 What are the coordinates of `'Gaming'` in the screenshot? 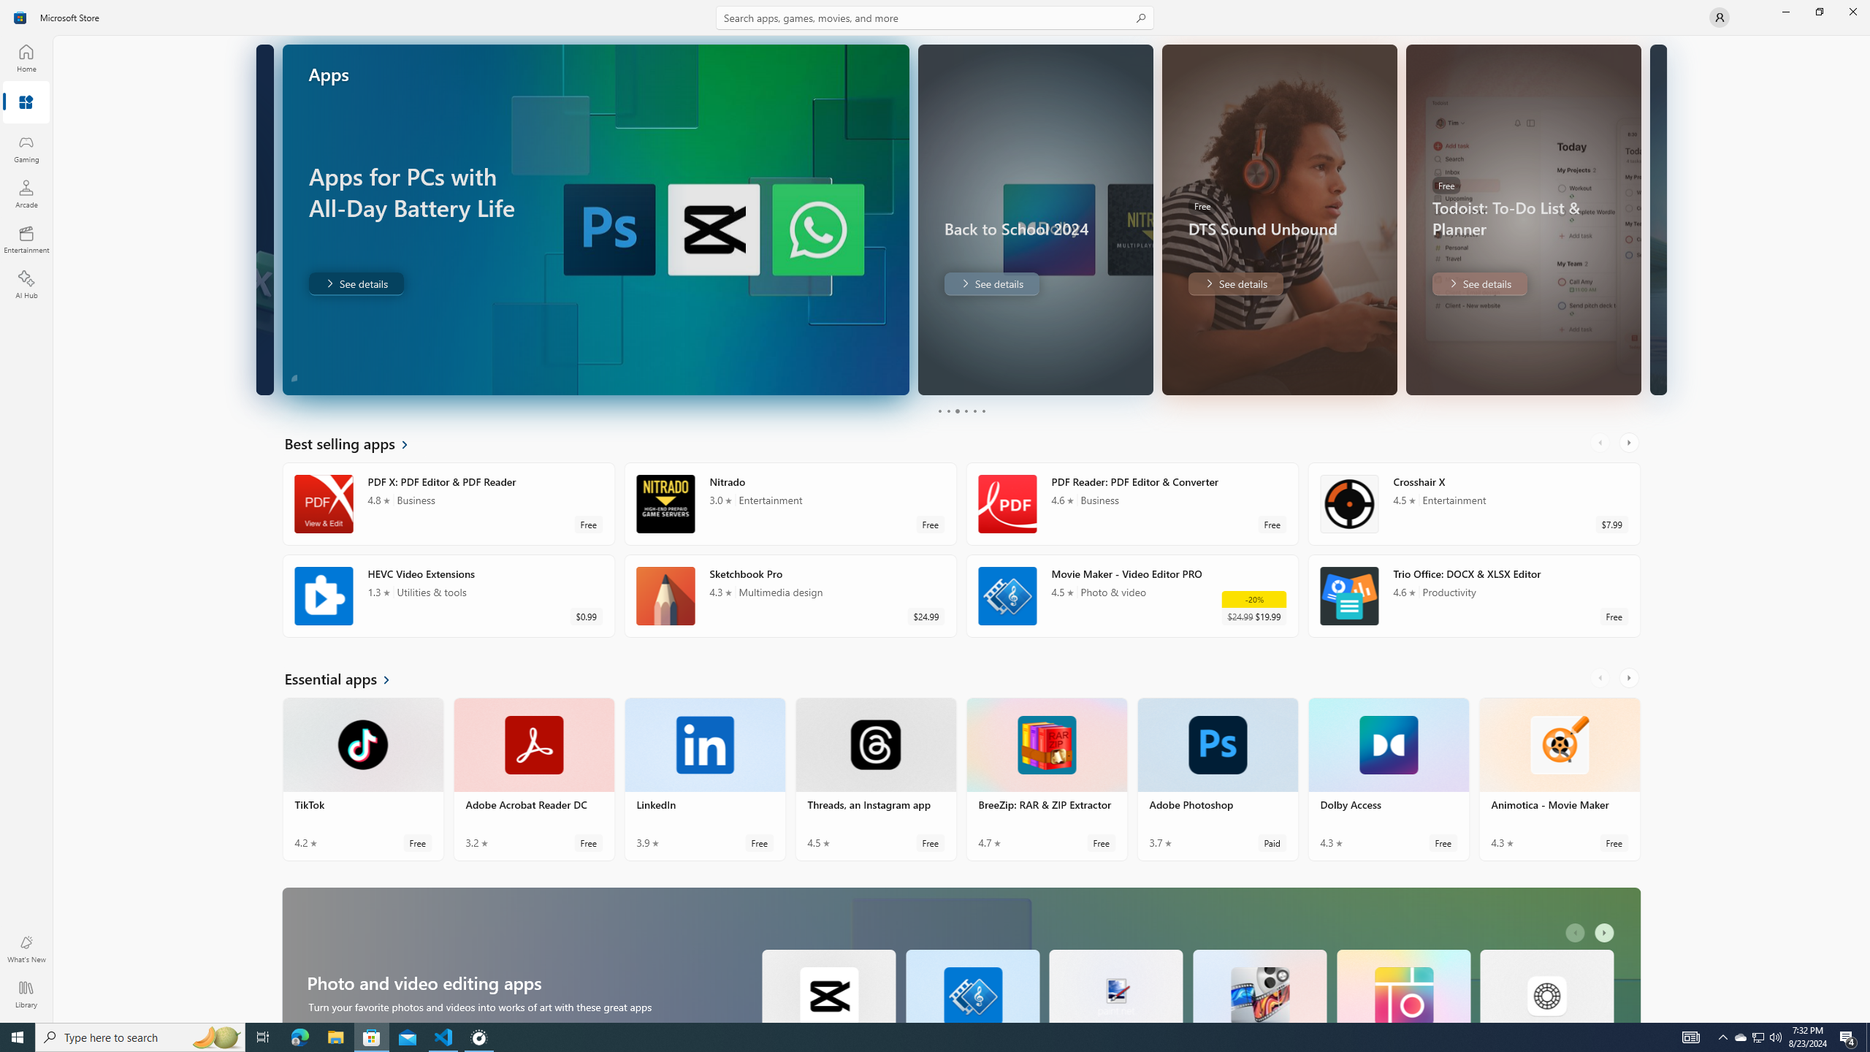 It's located at (25, 148).